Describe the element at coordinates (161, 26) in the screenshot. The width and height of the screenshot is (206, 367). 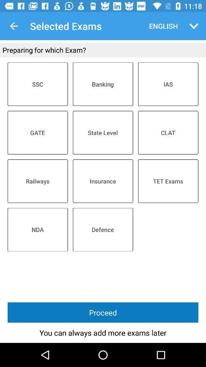
I see `app to the right of the selected exams item` at that location.